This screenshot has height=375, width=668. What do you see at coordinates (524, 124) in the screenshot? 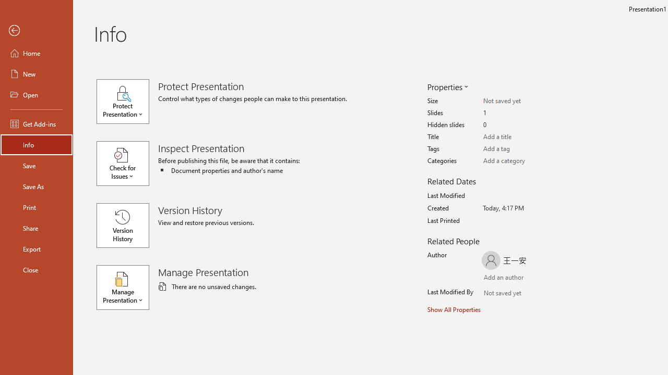
I see `'Hidden slides'` at bounding box center [524, 124].